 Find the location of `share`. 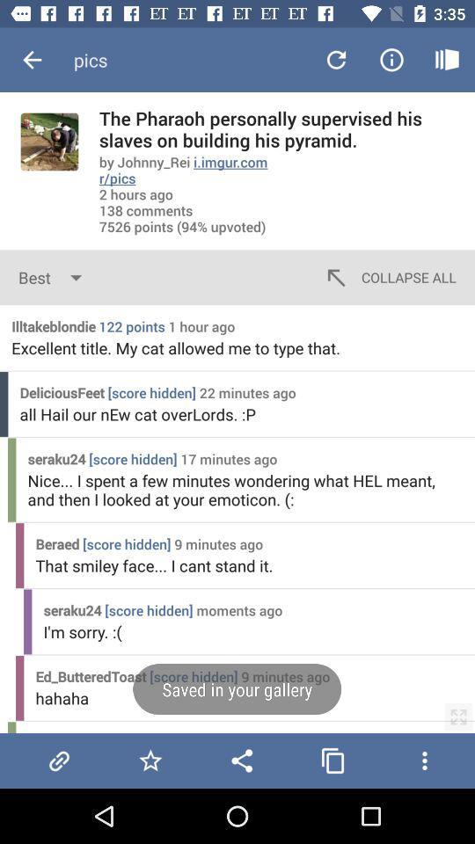

share is located at coordinates (241, 760).